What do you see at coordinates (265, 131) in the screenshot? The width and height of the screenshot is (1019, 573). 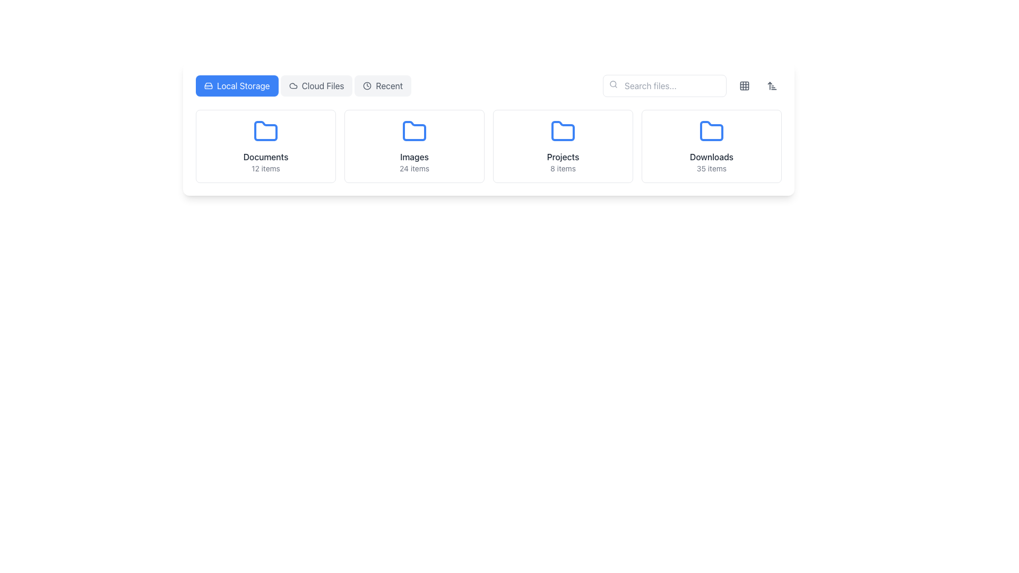 I see `the folder icon labeled 'Documents'` at bounding box center [265, 131].